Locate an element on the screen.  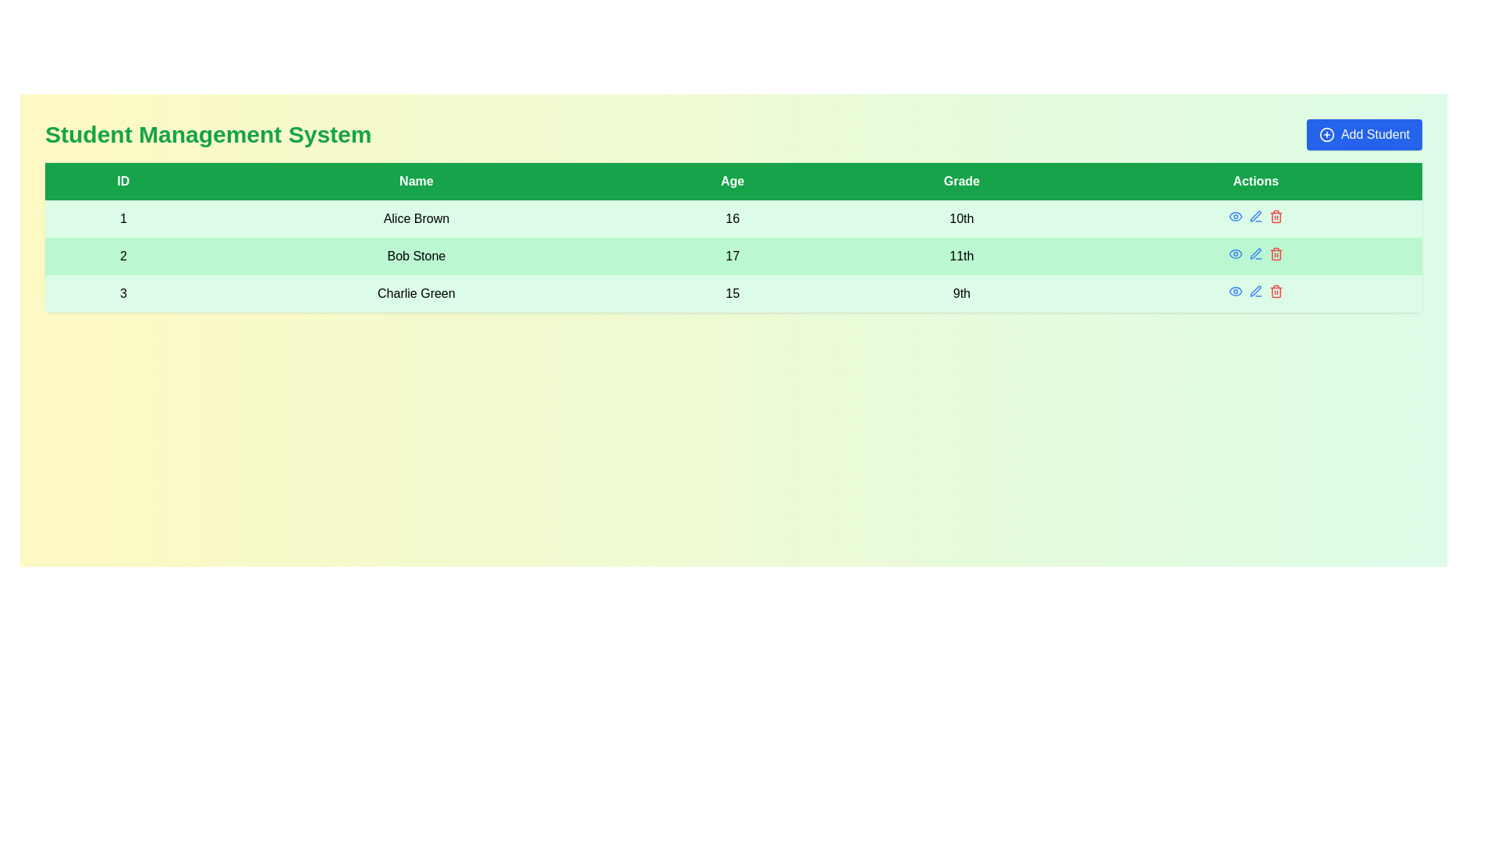
text content of the label displaying 'Charlie Green' in black text on a light green background, located in the second column under the header 'Name' in the third row of the table is located at coordinates (416, 294).